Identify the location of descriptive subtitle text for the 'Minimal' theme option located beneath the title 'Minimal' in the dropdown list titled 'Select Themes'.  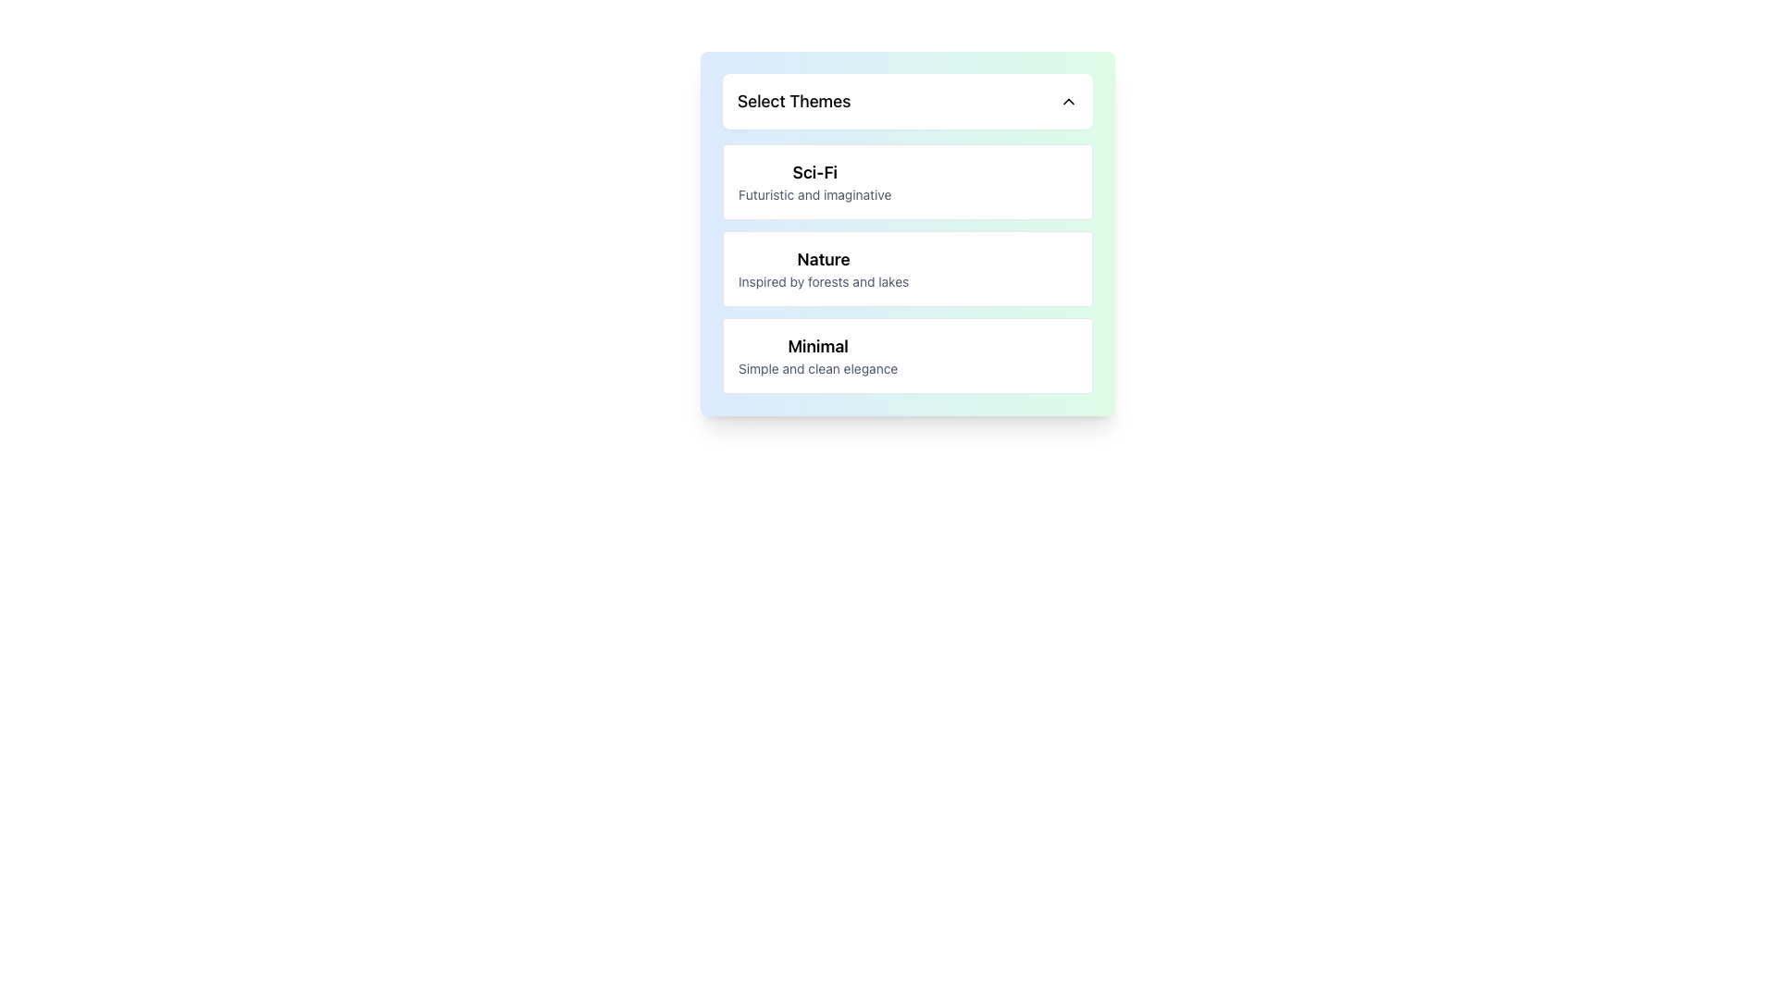
(817, 368).